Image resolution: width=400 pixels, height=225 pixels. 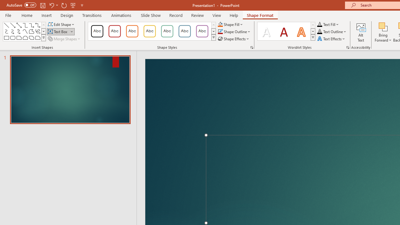 I want to click on 'Text Outline RGB(0, 0, 0)', so click(x=320, y=32).